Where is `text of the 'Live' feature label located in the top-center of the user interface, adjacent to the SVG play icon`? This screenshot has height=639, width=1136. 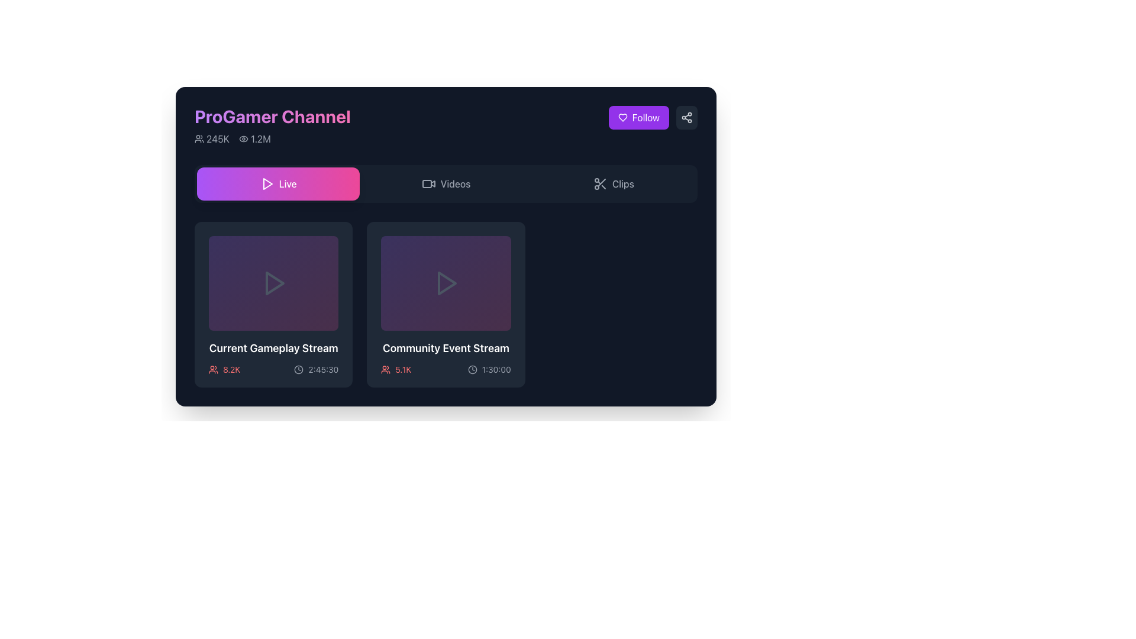 text of the 'Live' feature label located in the top-center of the user interface, adjacent to the SVG play icon is located at coordinates (288, 184).